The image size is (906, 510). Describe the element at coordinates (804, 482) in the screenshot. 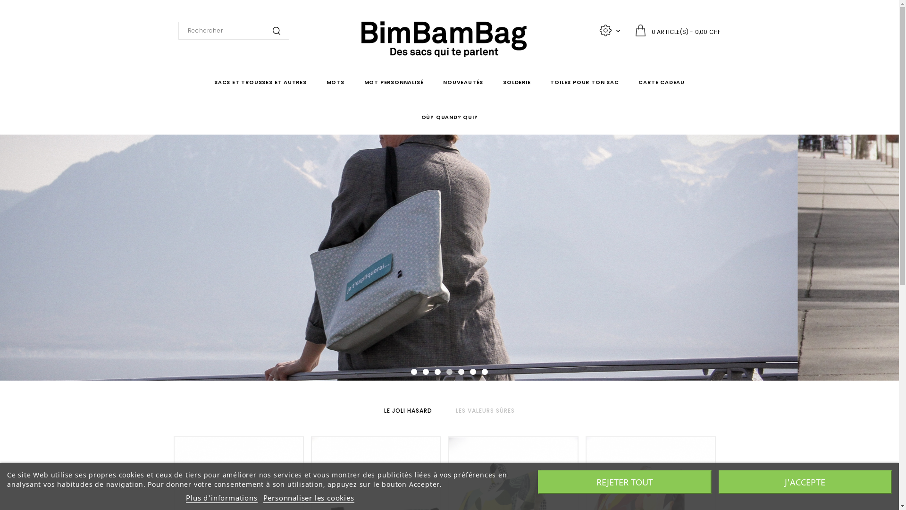

I see `'J'ACCEPTE'` at that location.